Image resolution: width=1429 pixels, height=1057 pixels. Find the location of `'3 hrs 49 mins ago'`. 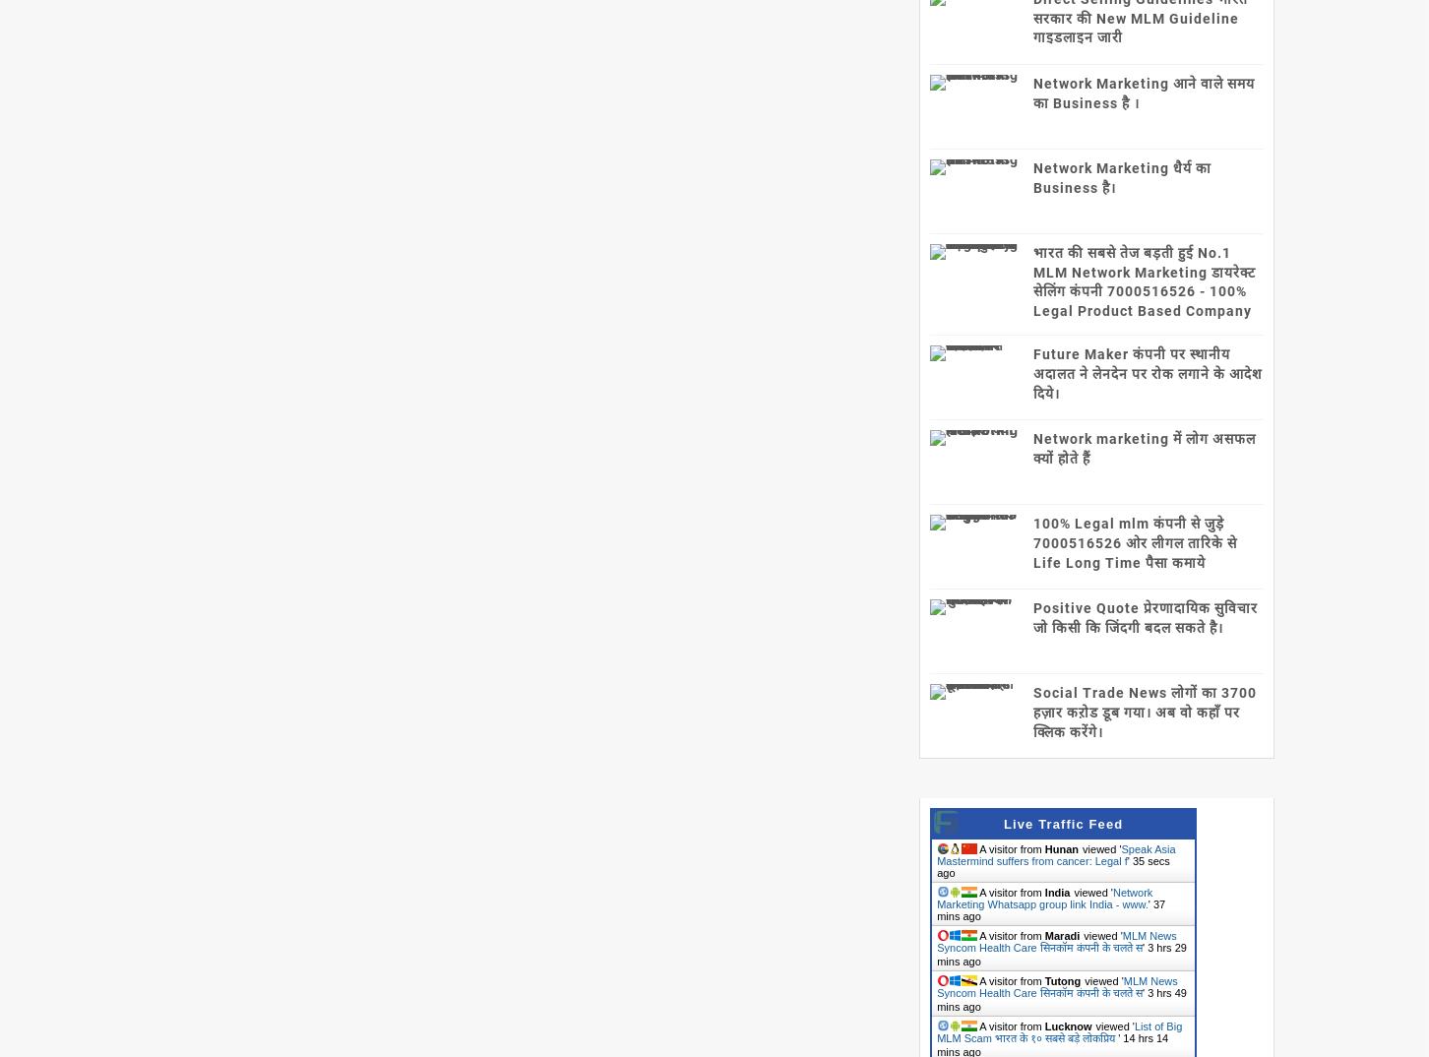

'3 hrs 49 mins ago' is located at coordinates (1060, 999).